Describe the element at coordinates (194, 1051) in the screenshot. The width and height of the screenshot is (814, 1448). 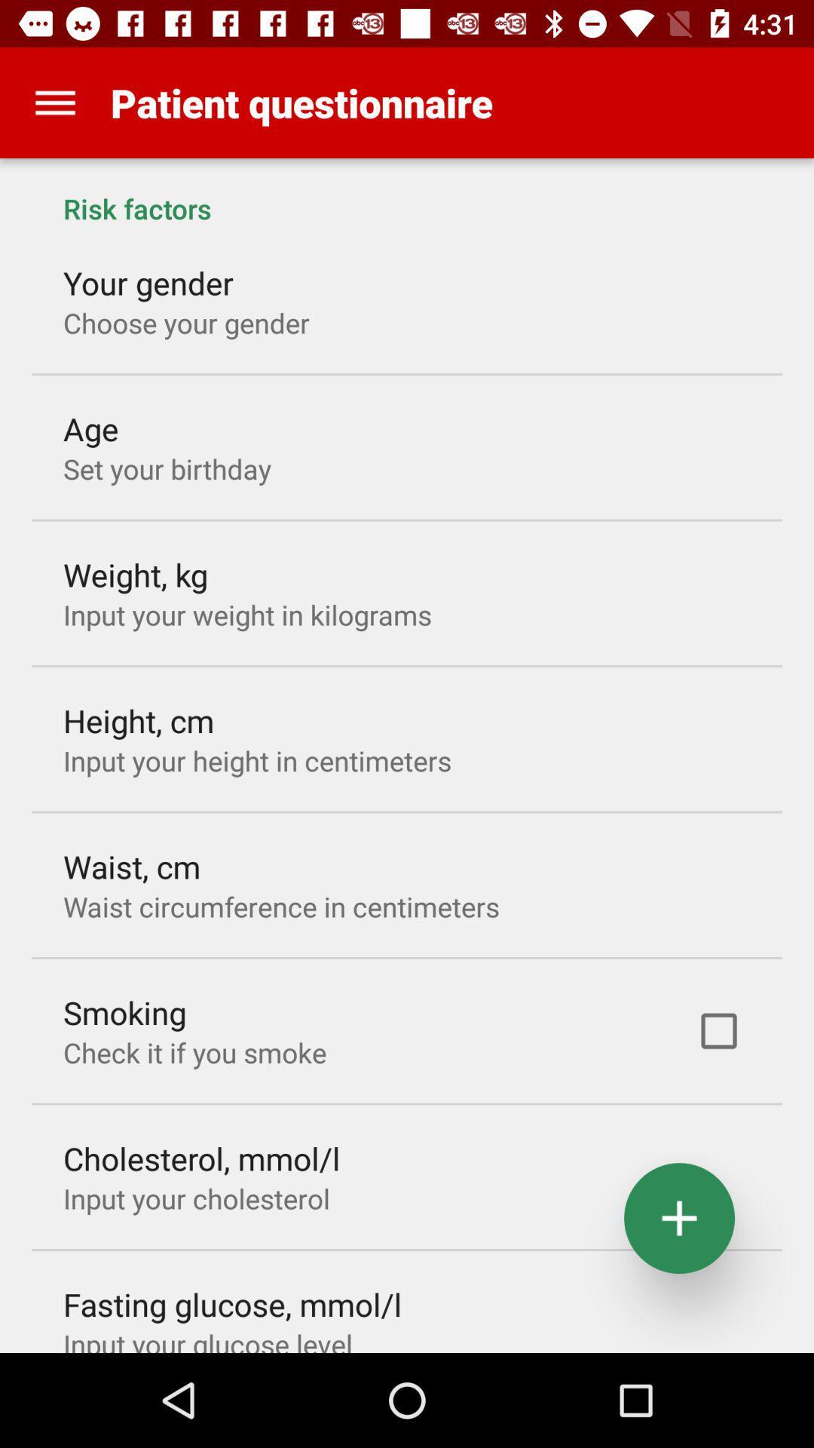
I see `the item above the cholesterol, mmol/l app` at that location.